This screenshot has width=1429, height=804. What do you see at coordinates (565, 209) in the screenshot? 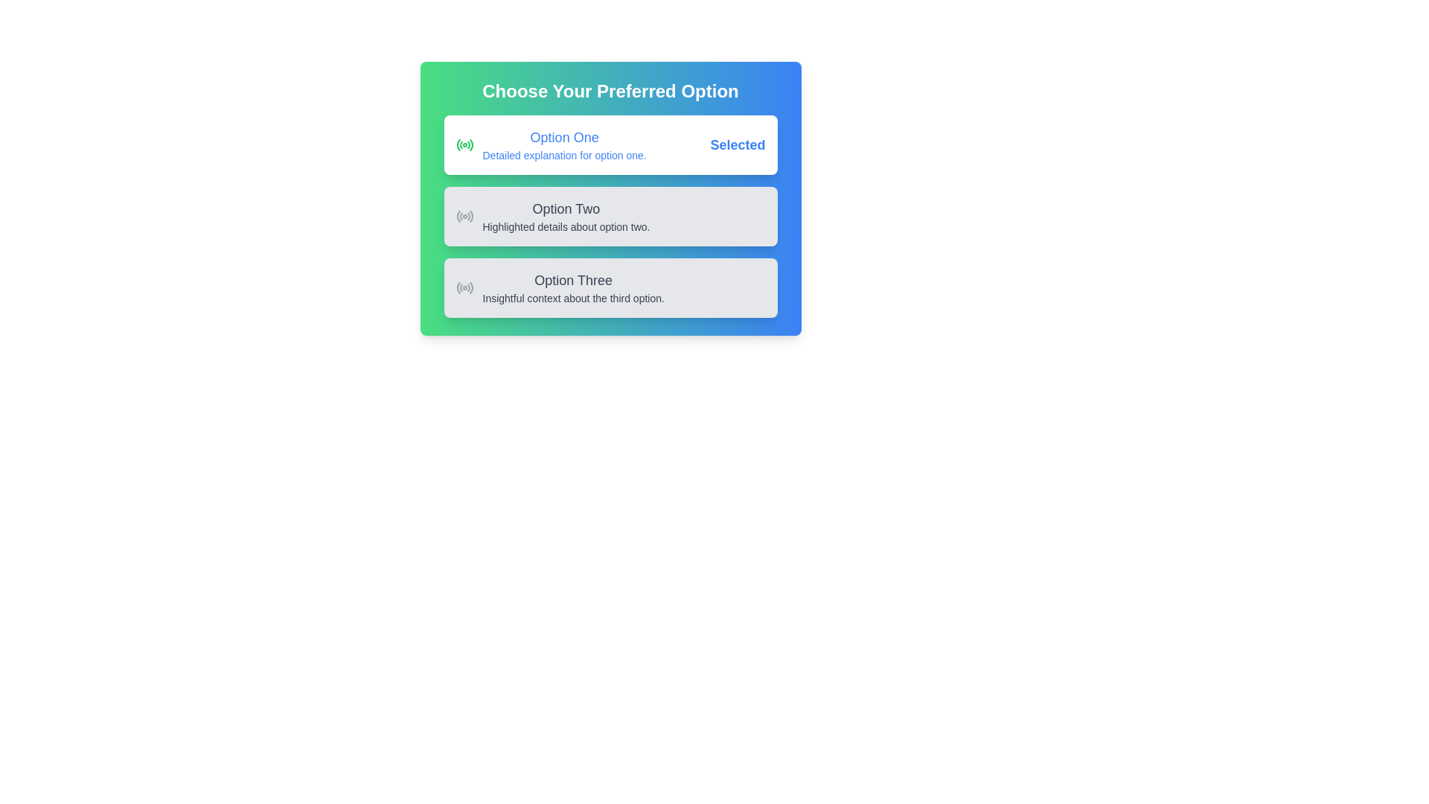
I see `the text label displaying 'Option Two', which is centrally aligned and visually prominent above its description` at bounding box center [565, 209].